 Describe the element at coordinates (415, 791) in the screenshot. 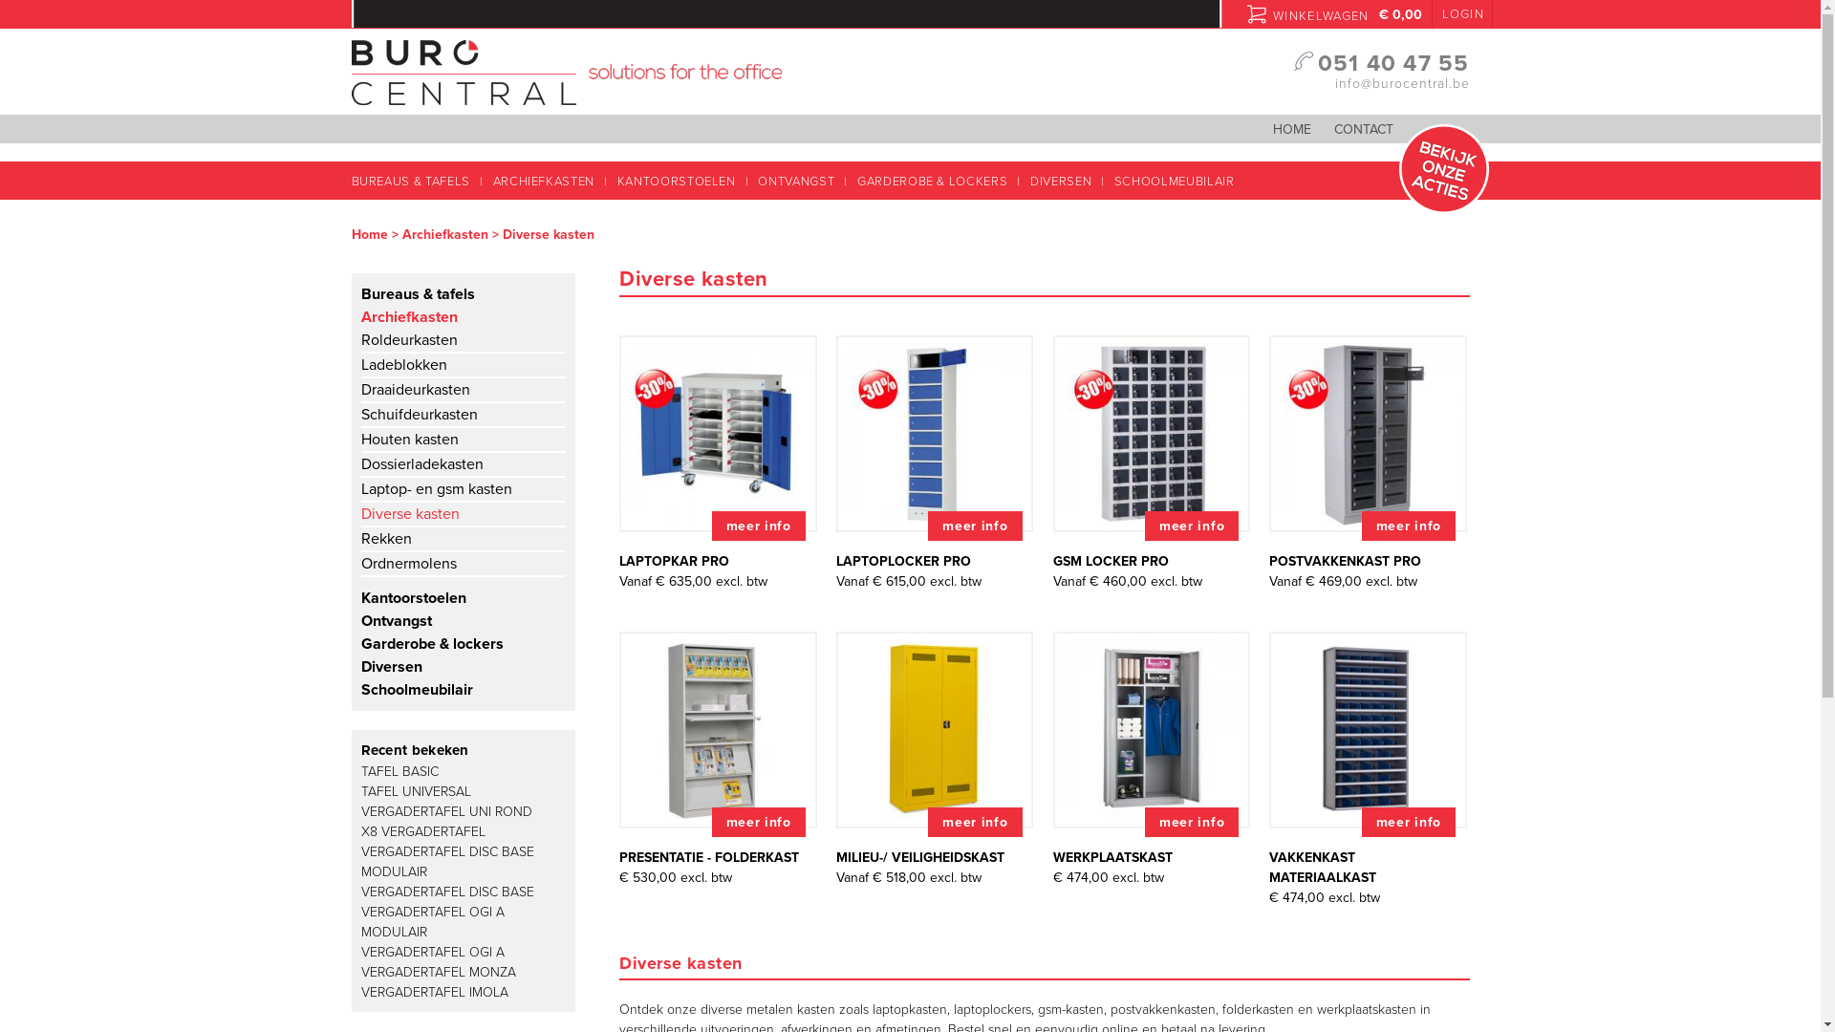

I see `'TAFEL UNIVERSAL'` at that location.